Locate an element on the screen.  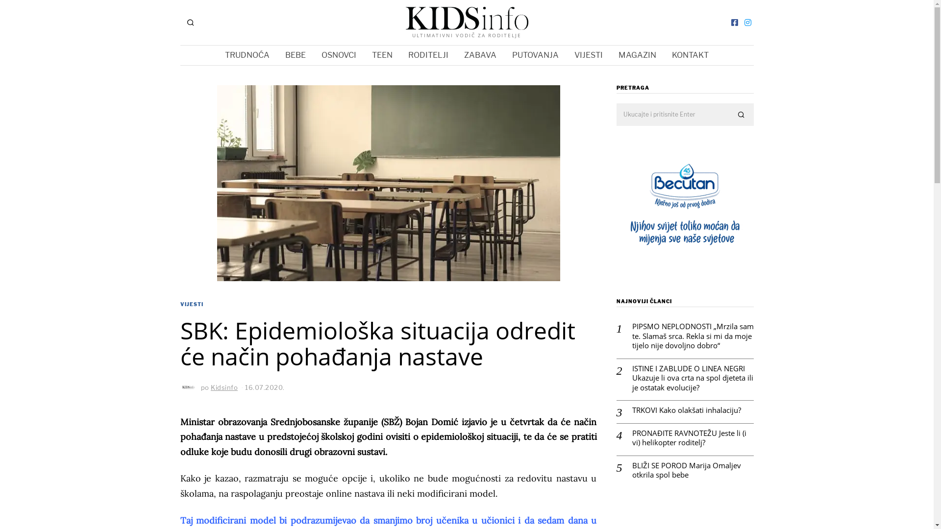
'Facebook' is located at coordinates (734, 22).